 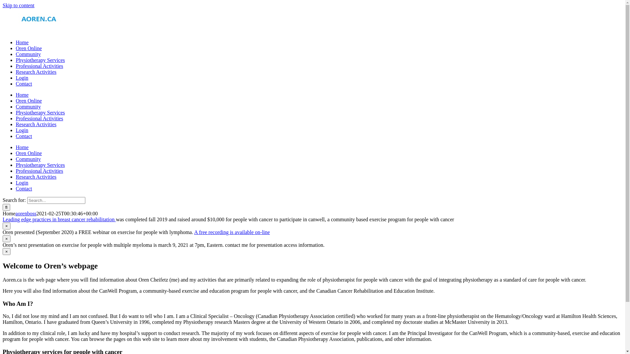 I want to click on 'Contact', so click(x=24, y=83).